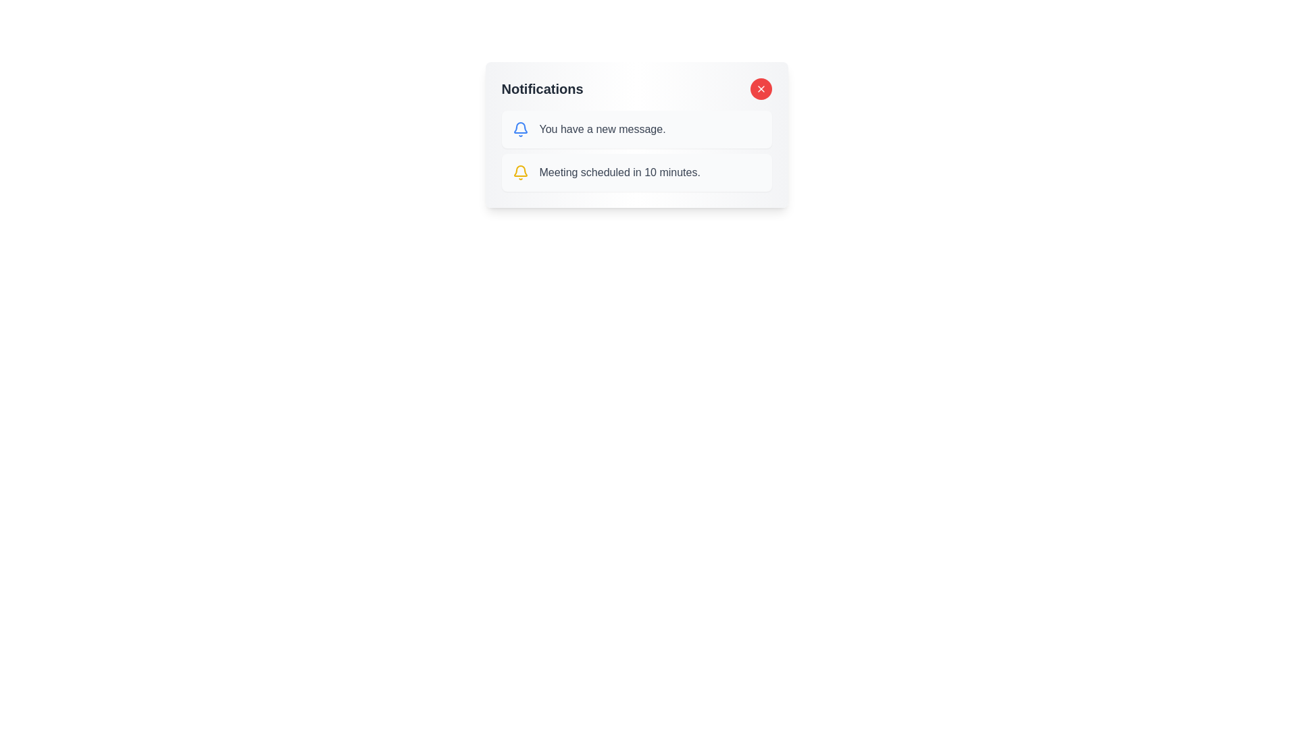 The height and width of the screenshot is (729, 1297). Describe the element at coordinates (519, 170) in the screenshot. I see `the notification icon located inside the notification box, which serves as an indicator for incoming notifications` at that location.